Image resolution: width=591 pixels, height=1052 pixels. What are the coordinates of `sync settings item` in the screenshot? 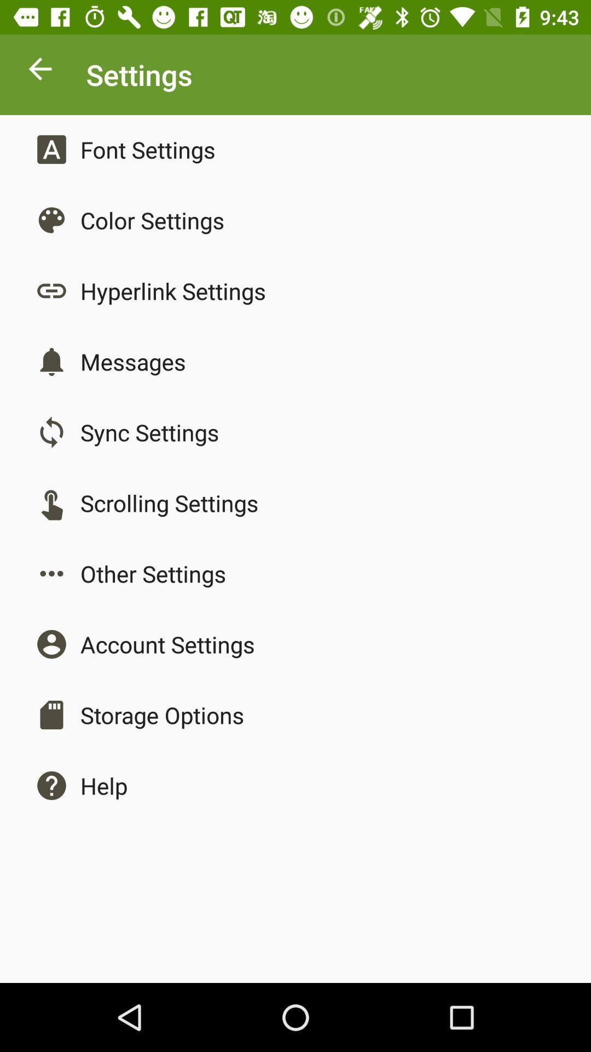 It's located at (149, 431).